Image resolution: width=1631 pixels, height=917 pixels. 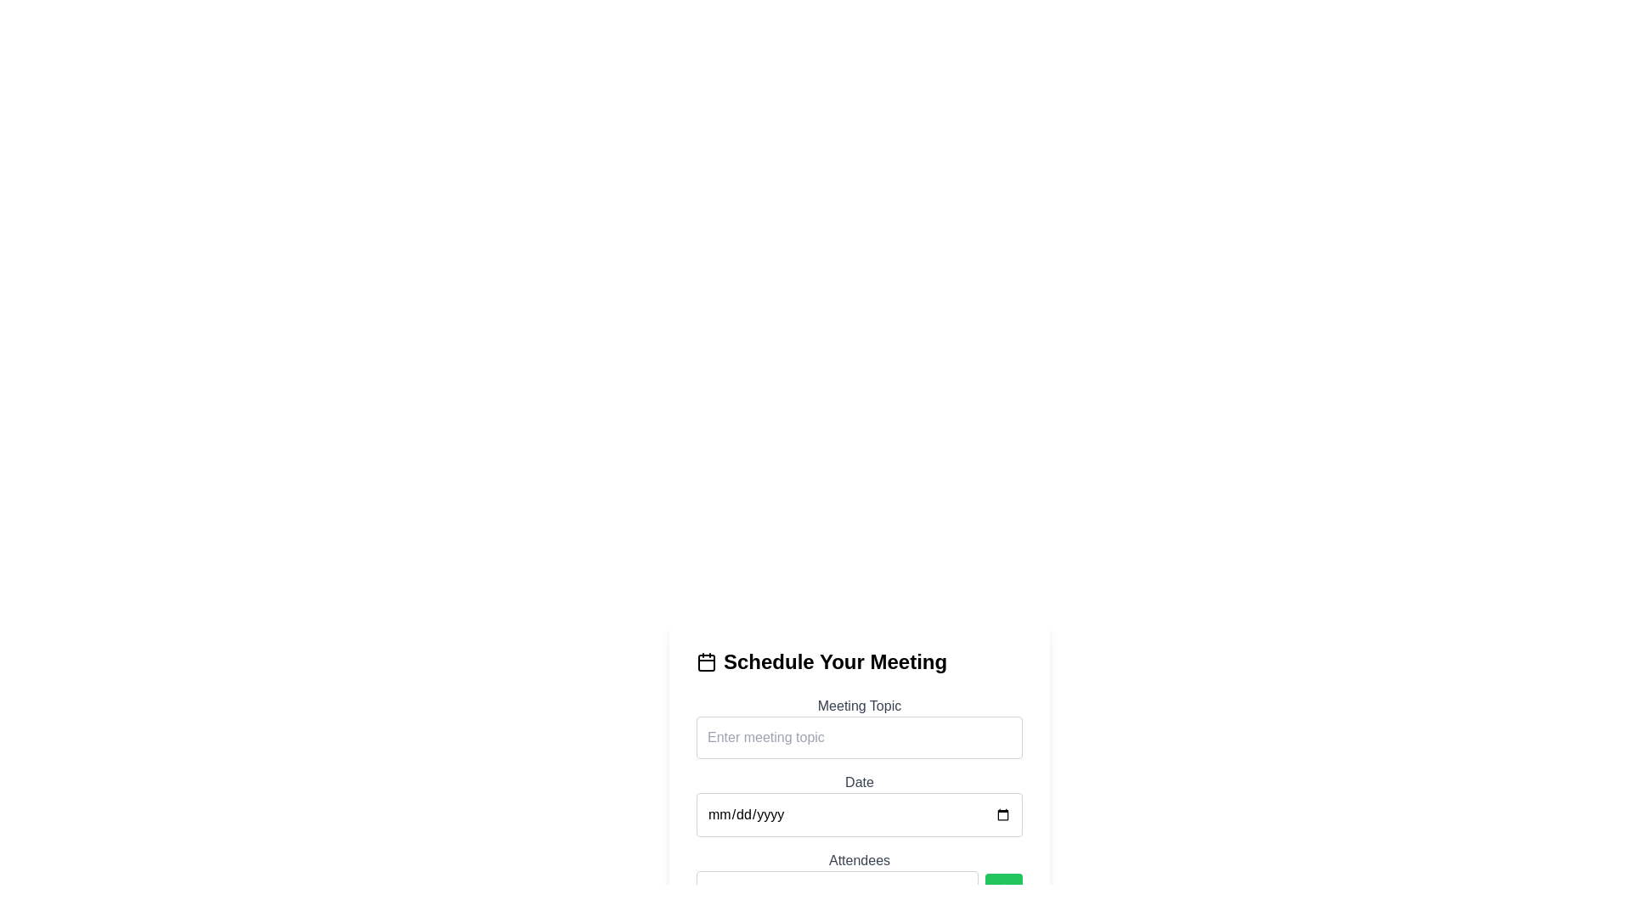 What do you see at coordinates (860, 880) in the screenshot?
I see `the input field for email labeled 'Attendees', which is styled with rounded borders and has a green button to the right` at bounding box center [860, 880].